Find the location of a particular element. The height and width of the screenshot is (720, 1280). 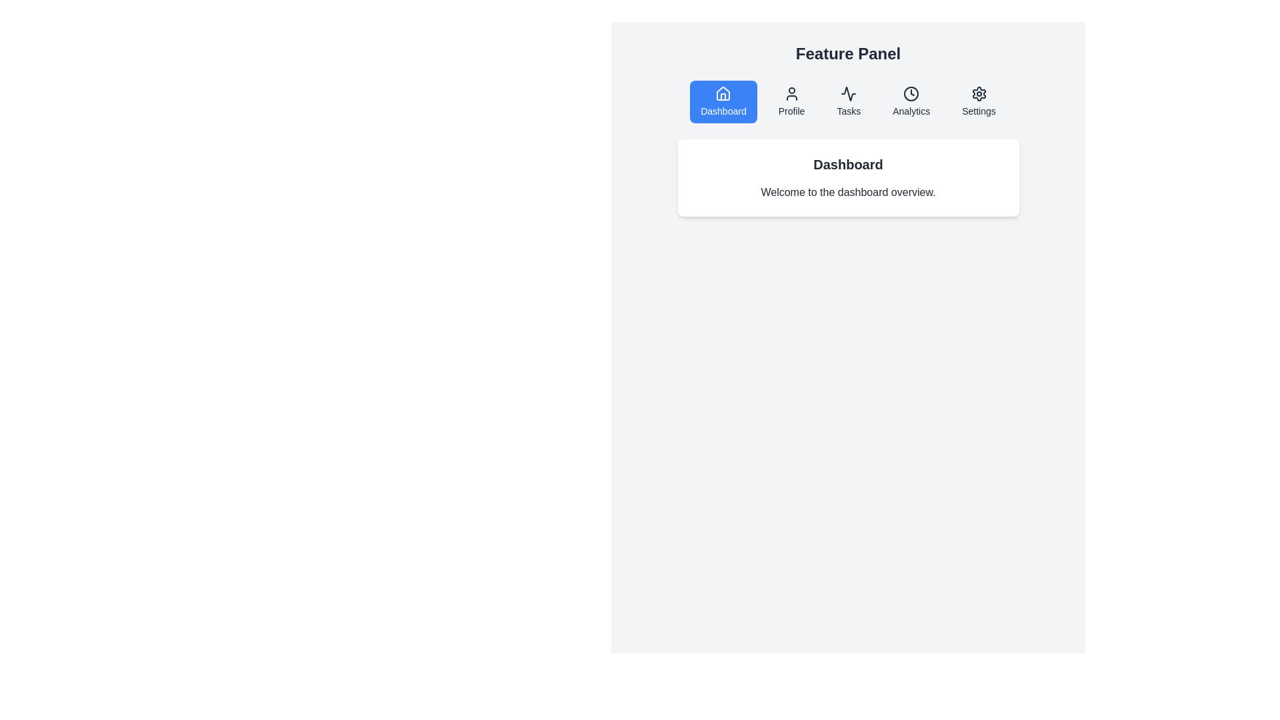

the house icon located centrally within the 'Dashboard' button in the top navigation bar is located at coordinates (723, 93).